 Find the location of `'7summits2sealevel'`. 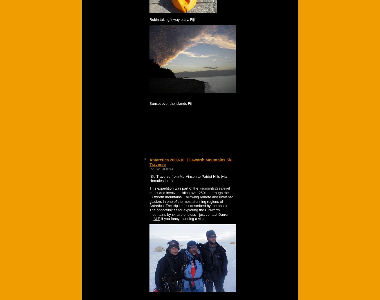

'7summits2sealevel' is located at coordinates (199, 188).